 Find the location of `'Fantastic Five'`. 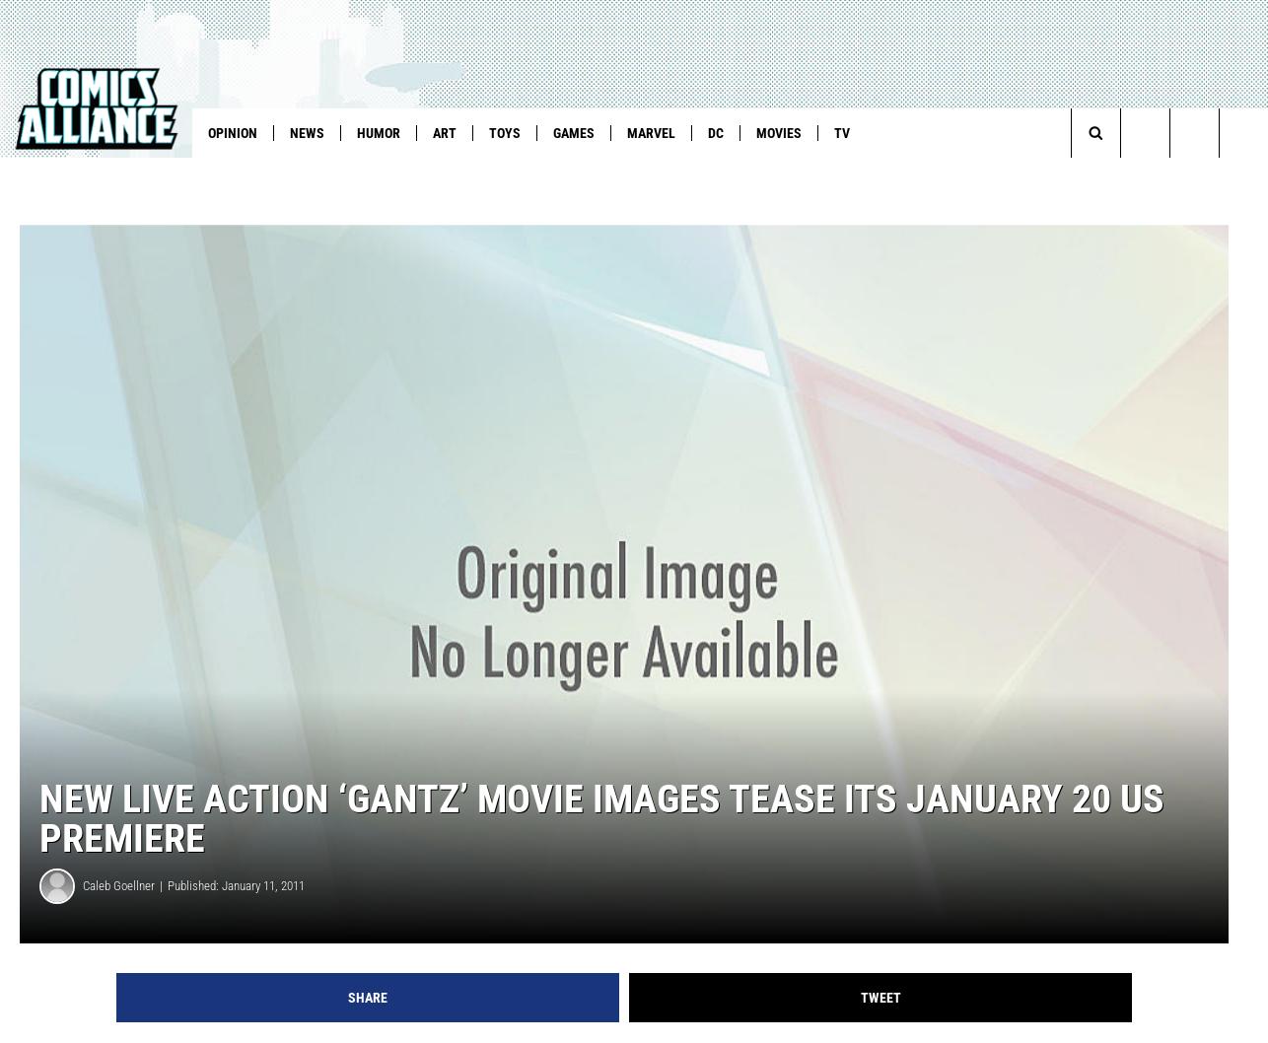

'Fantastic Five' is located at coordinates (949, 173).